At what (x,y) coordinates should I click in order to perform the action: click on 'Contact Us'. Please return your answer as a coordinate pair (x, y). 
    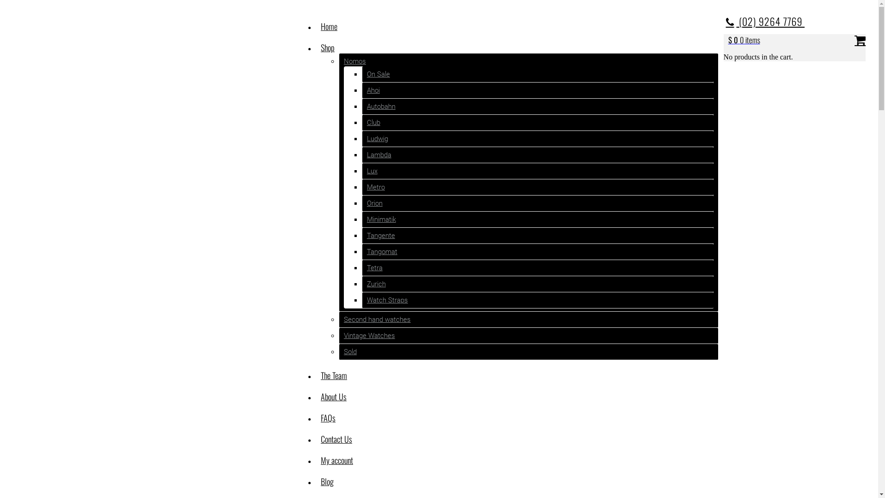
    Looking at the image, I should click on (321, 439).